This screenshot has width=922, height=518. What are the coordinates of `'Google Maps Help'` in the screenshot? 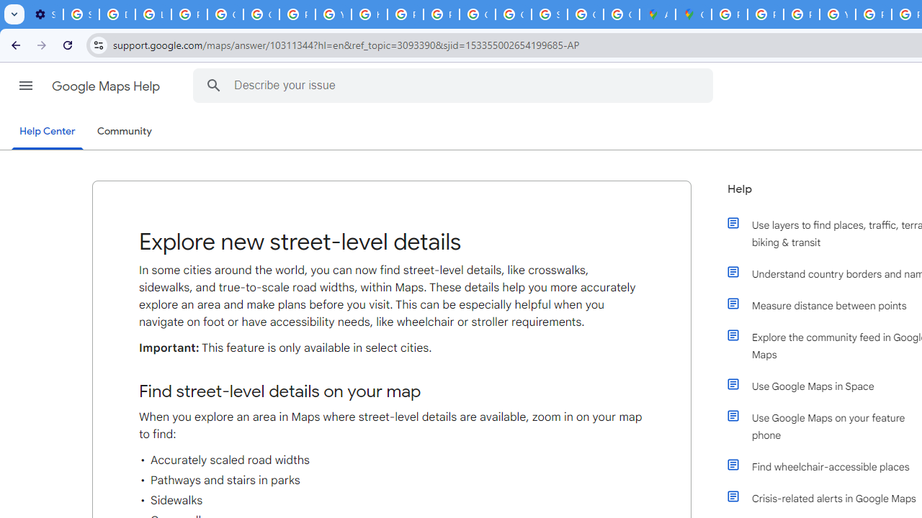 It's located at (107, 86).